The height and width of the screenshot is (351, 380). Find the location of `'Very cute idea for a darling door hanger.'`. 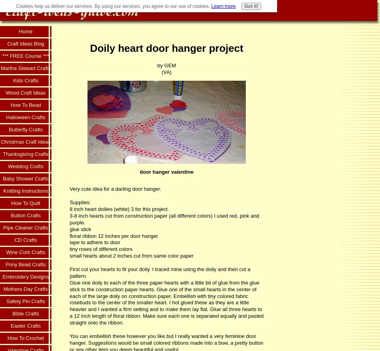

'Very cute idea for a darling door hanger.' is located at coordinates (115, 188).